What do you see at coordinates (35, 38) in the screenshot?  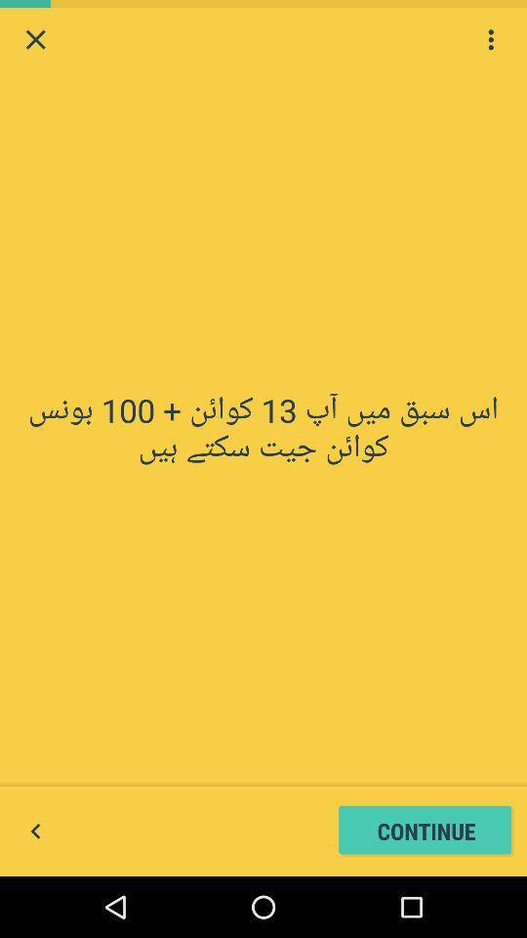 I see `window` at bounding box center [35, 38].